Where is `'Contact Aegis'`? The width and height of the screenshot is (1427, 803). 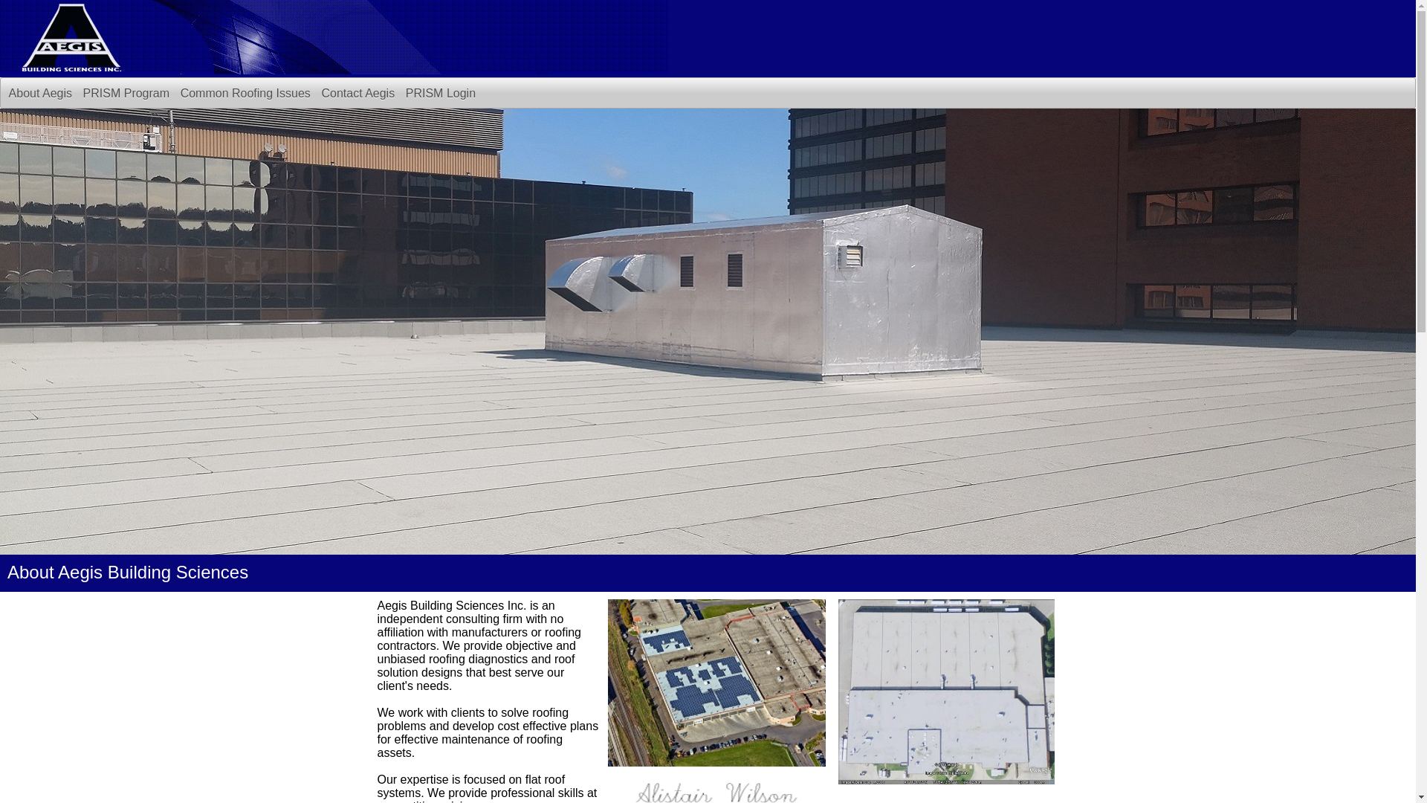 'Contact Aegis' is located at coordinates (357, 94).